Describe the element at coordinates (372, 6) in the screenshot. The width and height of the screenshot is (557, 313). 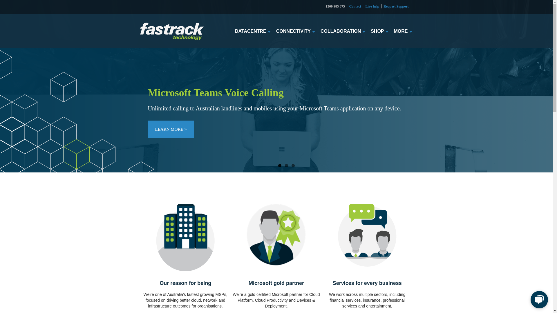
I see `'Live help'` at that location.